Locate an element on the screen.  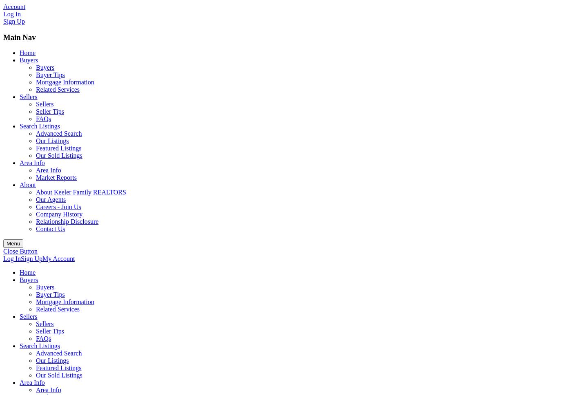
'Relationship Disclosure' is located at coordinates (36, 221).